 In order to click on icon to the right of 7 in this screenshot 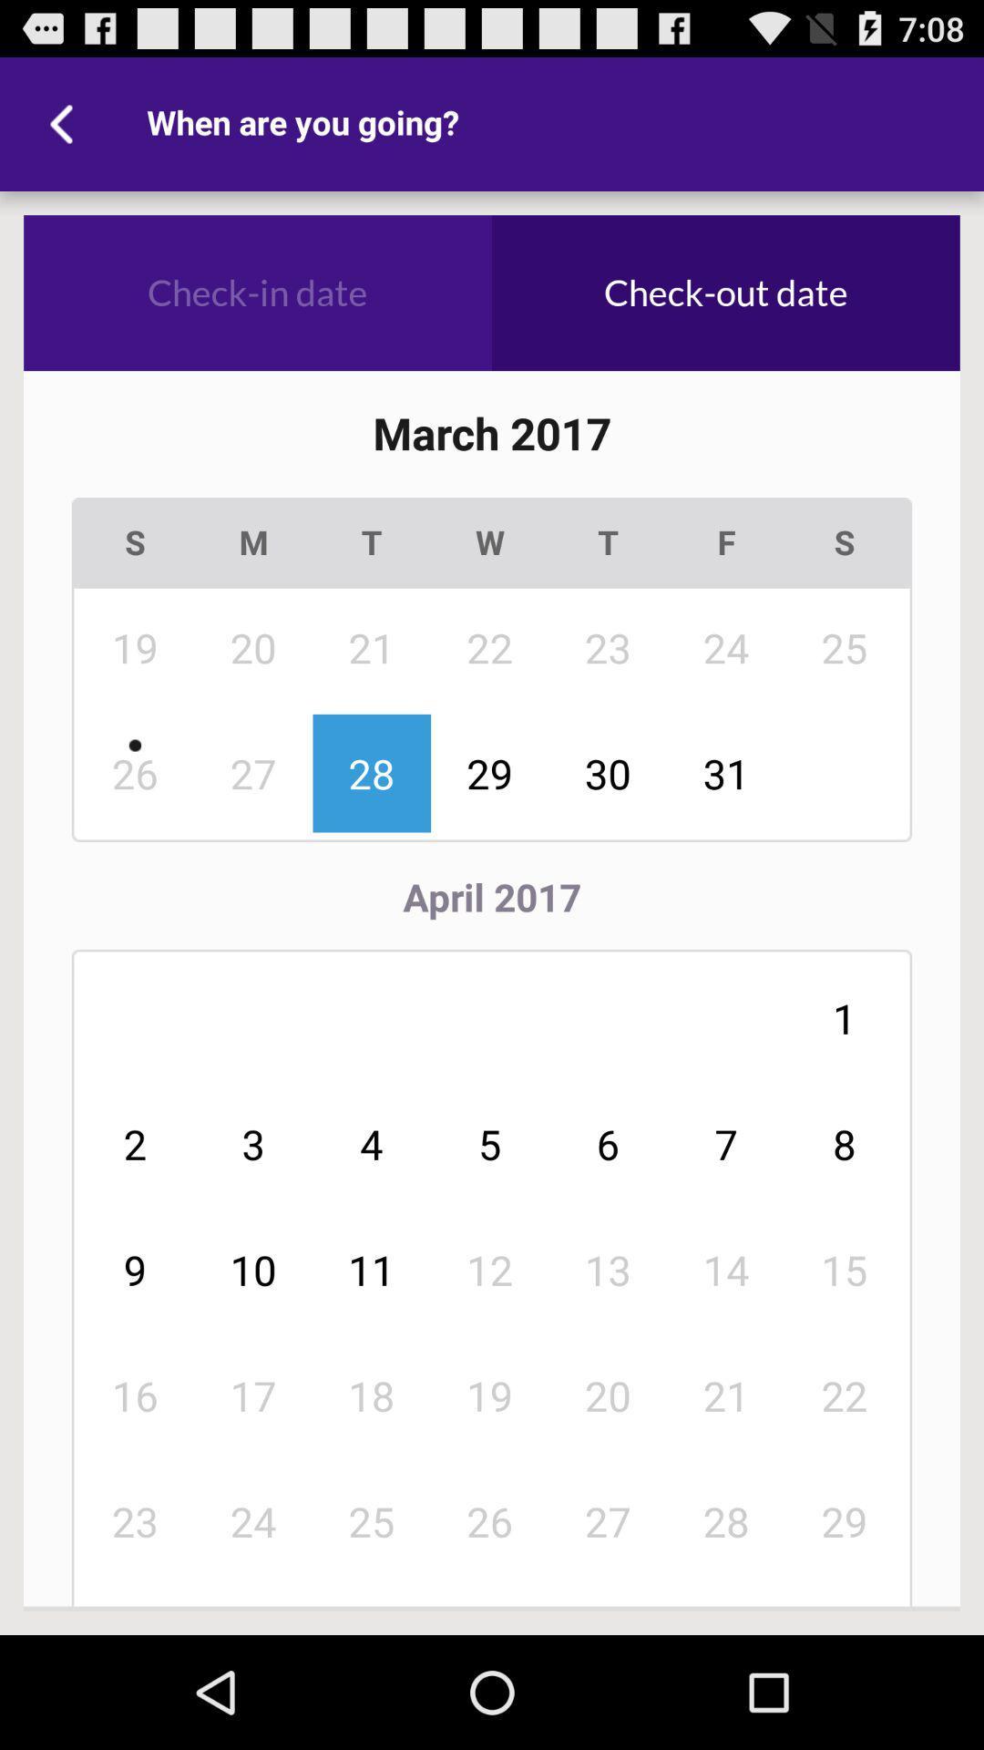, I will do `click(845, 1269)`.